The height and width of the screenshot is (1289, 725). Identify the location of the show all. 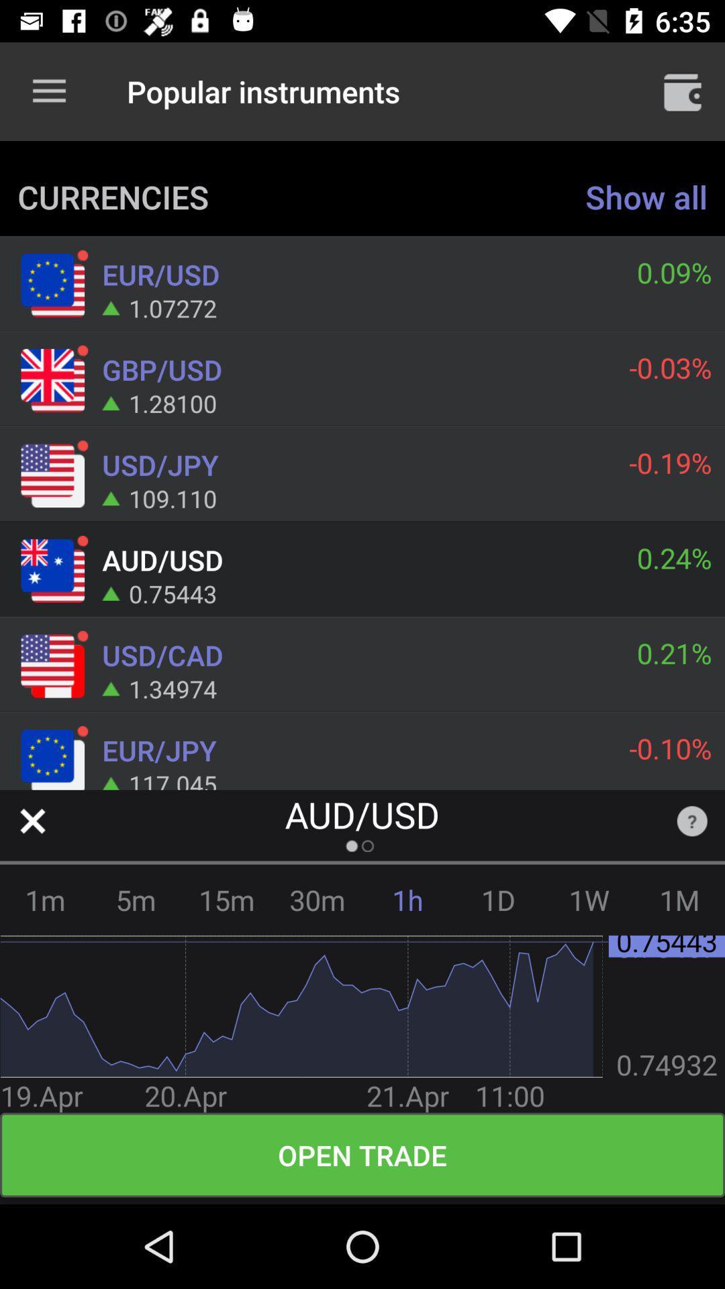
(646, 196).